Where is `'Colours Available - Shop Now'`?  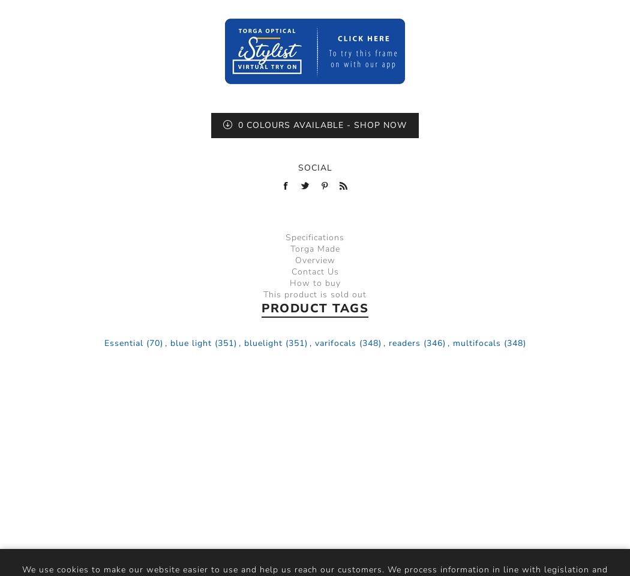
'Colours Available - Shop Now' is located at coordinates (326, 125).